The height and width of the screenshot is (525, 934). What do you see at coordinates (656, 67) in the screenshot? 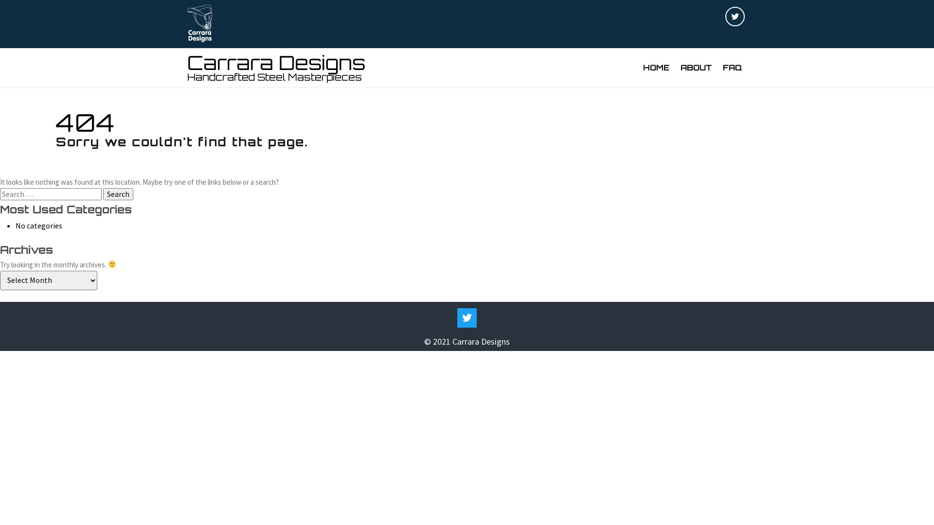
I see `'HOME'` at bounding box center [656, 67].